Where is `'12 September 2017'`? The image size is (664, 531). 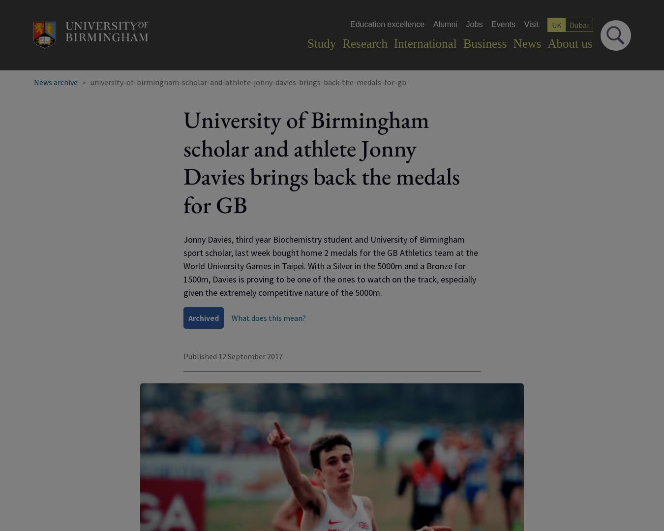 '12 September 2017' is located at coordinates (249, 356).